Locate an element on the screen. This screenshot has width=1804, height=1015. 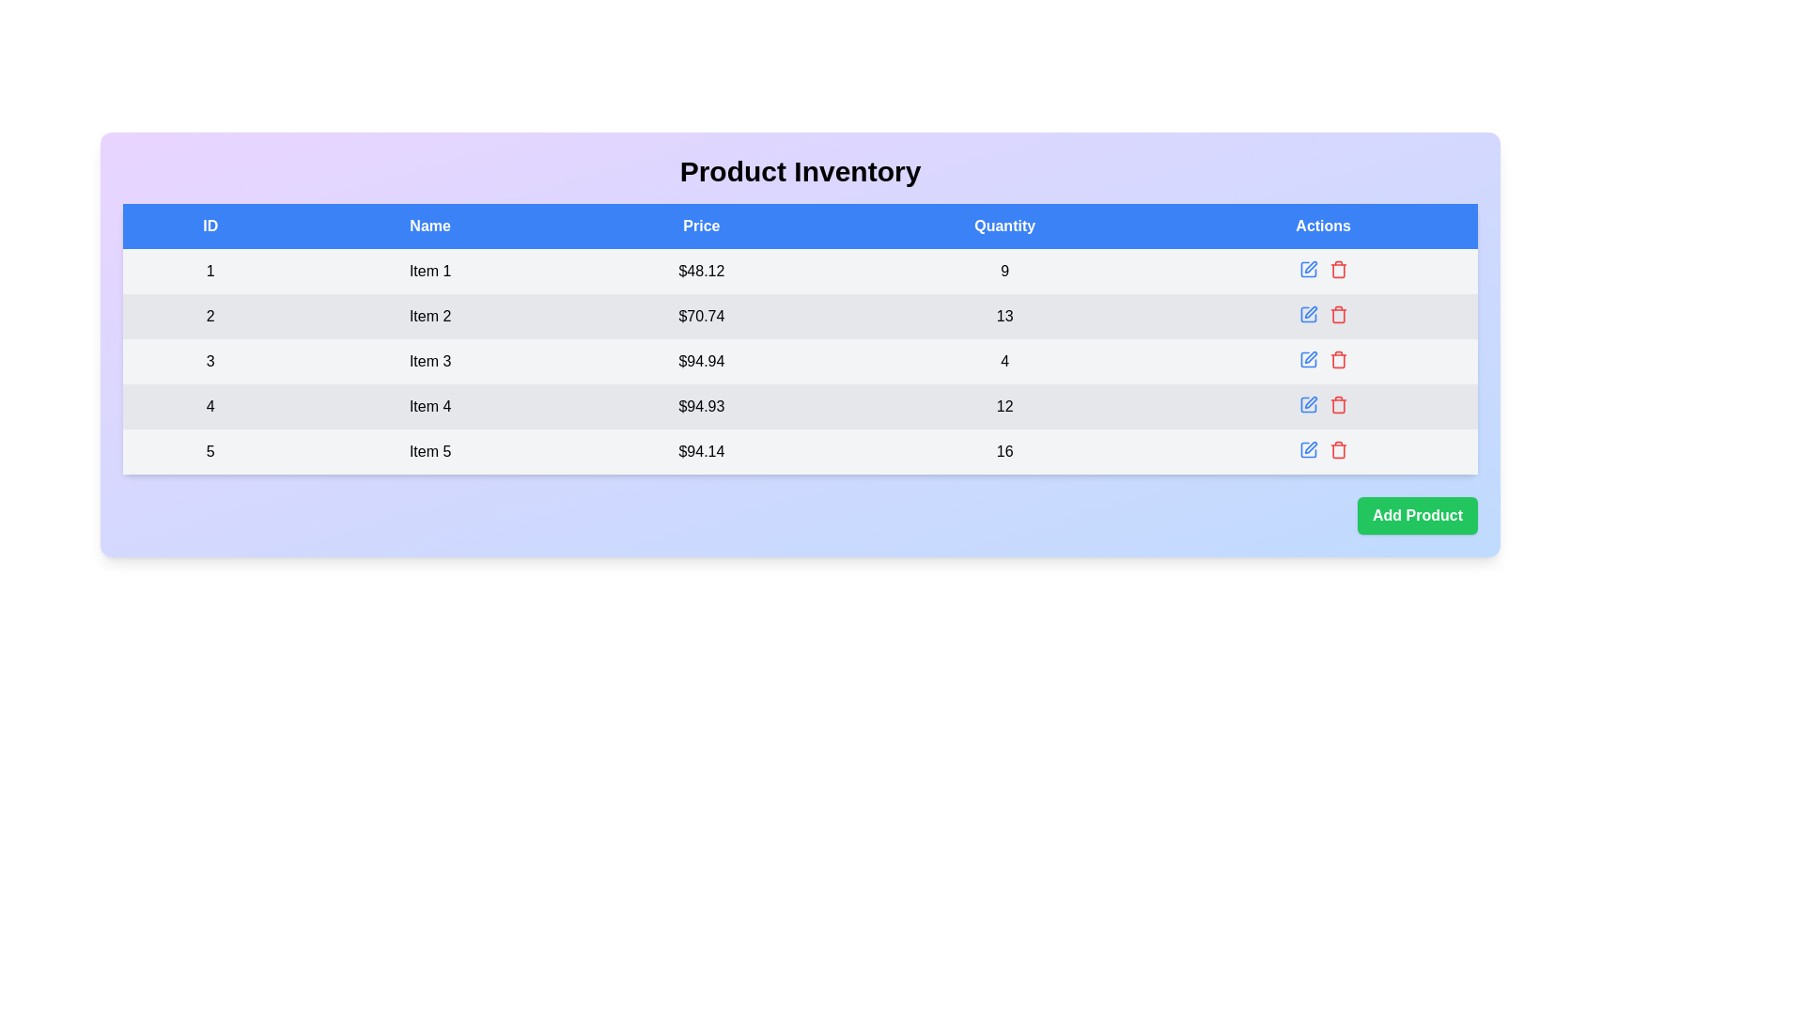
the first header element of the table, which labels the unique identifiers (IDs) for each row entry beneath it is located at coordinates (210, 225).